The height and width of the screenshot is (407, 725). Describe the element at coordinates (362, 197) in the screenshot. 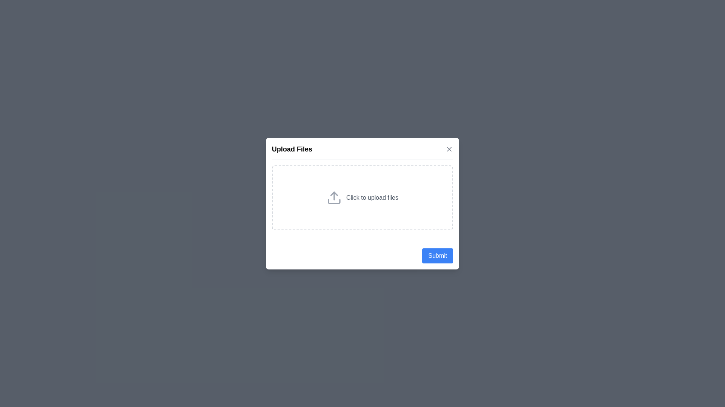

I see `the center of the upload area to initiate the file upload process` at that location.